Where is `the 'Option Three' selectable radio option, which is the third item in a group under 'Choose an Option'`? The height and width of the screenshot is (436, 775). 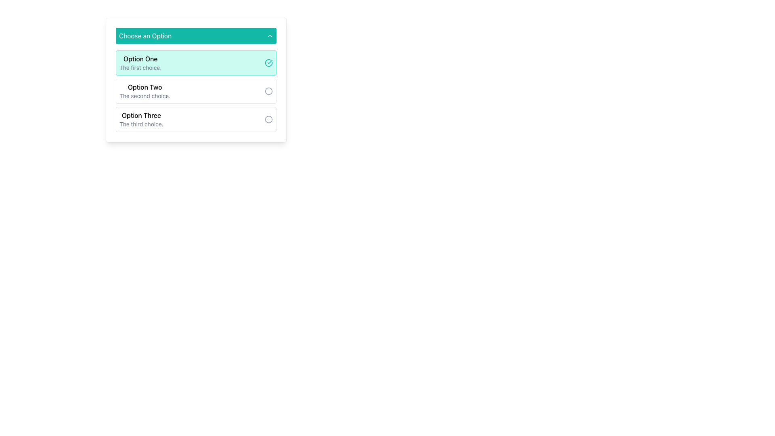
the 'Option Three' selectable radio option, which is the third item in a group under 'Choose an Option' is located at coordinates (196, 119).